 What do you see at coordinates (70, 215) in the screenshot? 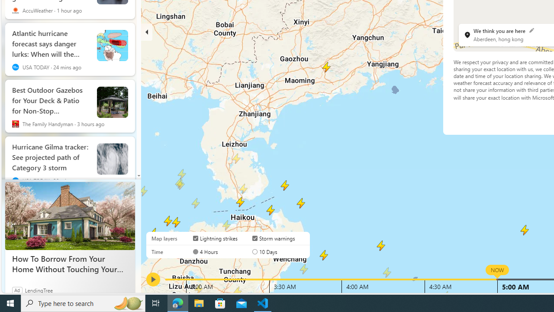
I see `'How To Borrow From Your Home Without Touching Your Mortgage'` at bounding box center [70, 215].